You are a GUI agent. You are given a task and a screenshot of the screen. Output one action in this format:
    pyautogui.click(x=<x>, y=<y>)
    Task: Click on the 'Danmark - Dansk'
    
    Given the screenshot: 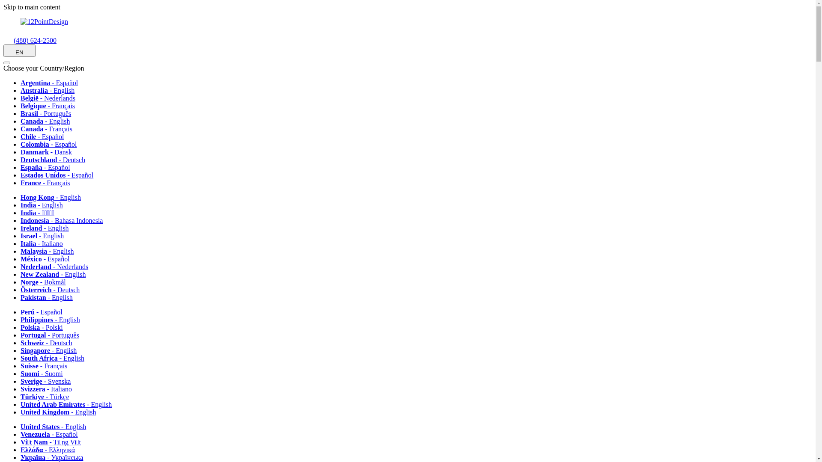 What is the action you would take?
    pyautogui.click(x=49, y=151)
    